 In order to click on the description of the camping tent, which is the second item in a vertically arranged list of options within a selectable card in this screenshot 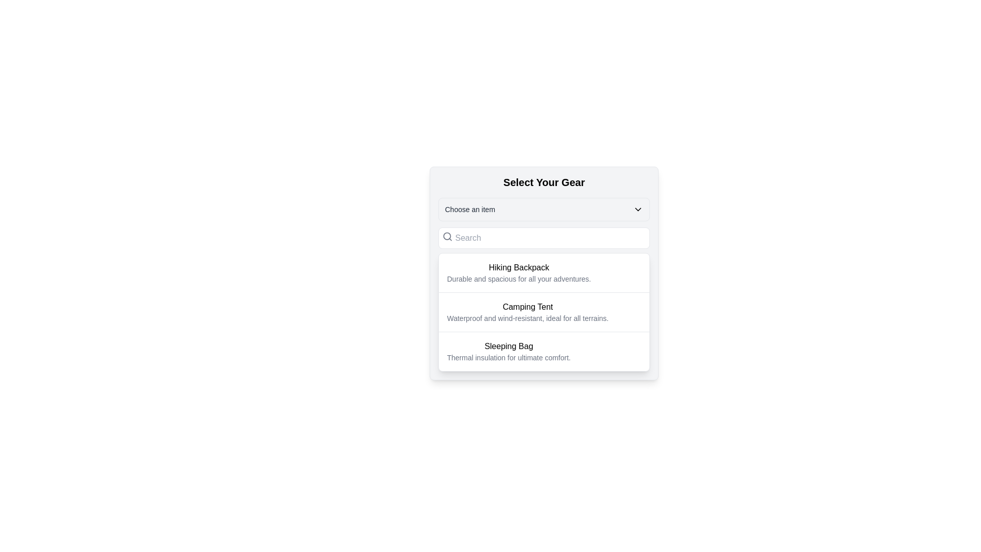, I will do `click(544, 311)`.